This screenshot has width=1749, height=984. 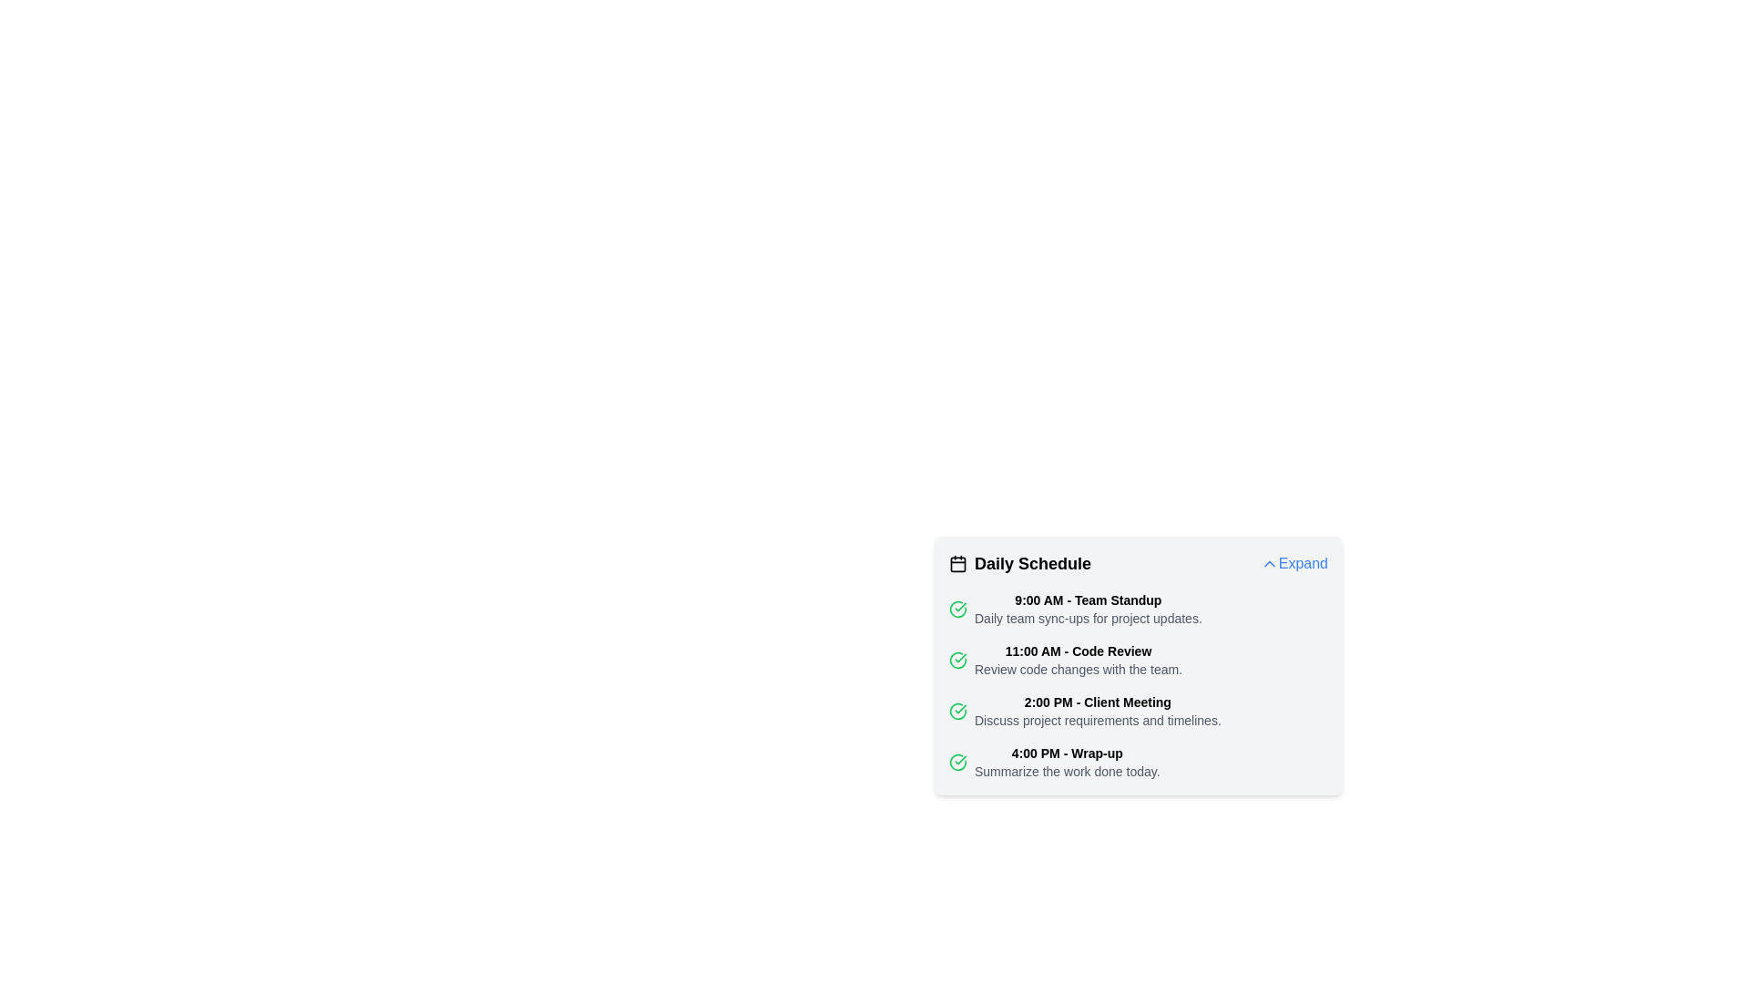 I want to click on descriptions of the scheduled events in the Informational content widget, specifically focusing on the third event in the list under the 'Daily Schedule' section, so click(x=1137, y=685).